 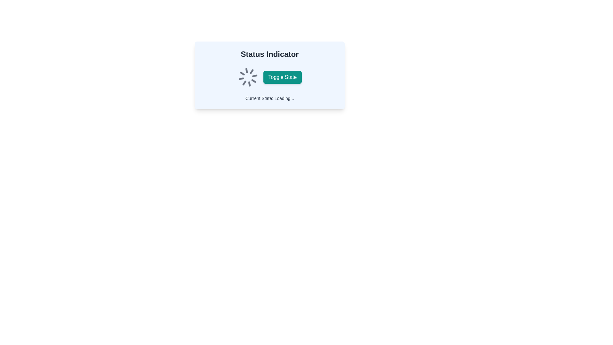 What do you see at coordinates (282, 77) in the screenshot?
I see `the medium-sized rectangular button with rounded corners, teal background, and white text that reads 'Toggle State'` at bounding box center [282, 77].